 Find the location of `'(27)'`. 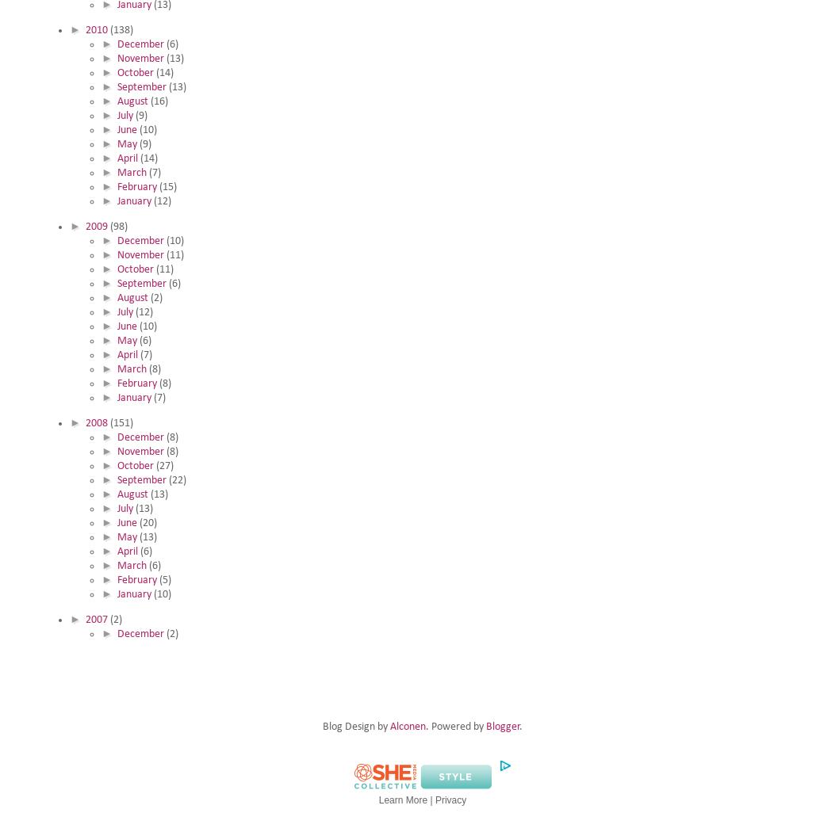

'(27)' is located at coordinates (164, 465).